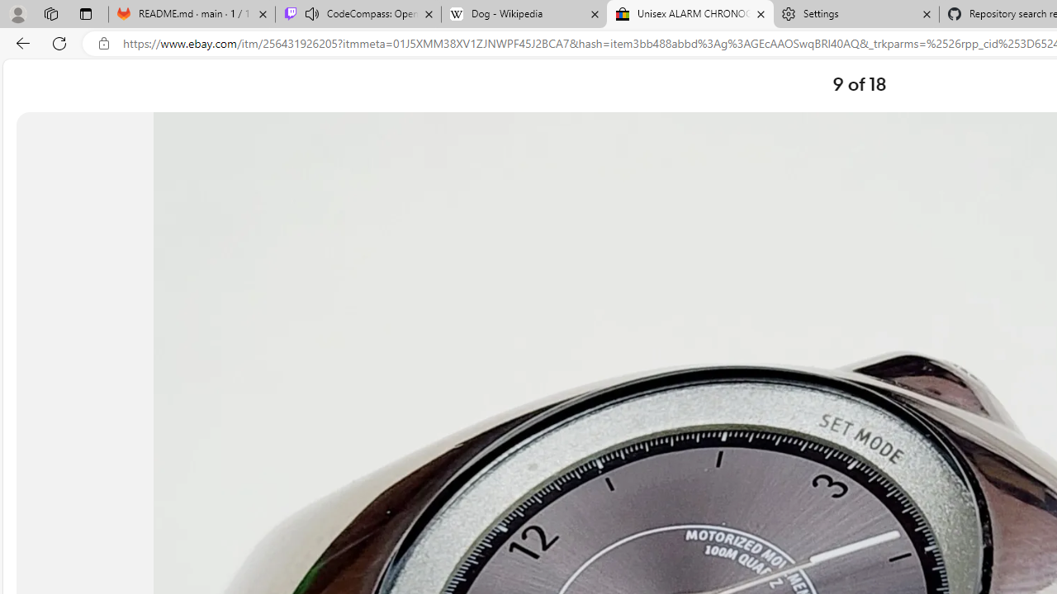 The width and height of the screenshot is (1057, 594). What do you see at coordinates (103, 43) in the screenshot?
I see `'View site information'` at bounding box center [103, 43].